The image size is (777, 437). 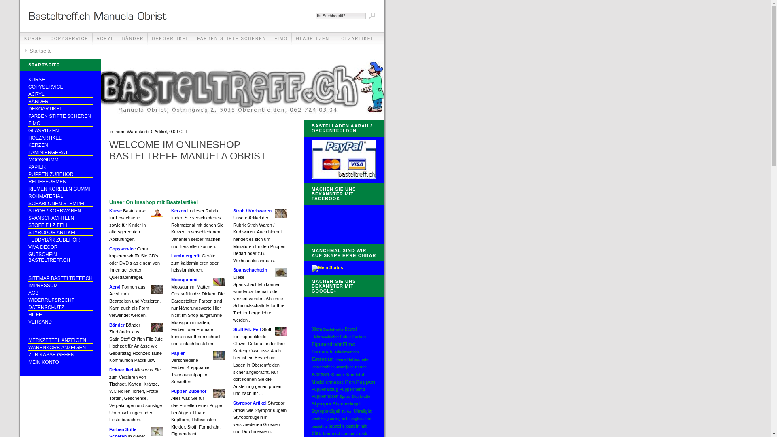 What do you see at coordinates (60, 181) in the screenshot?
I see `'RELIEFFORMEN'` at bounding box center [60, 181].